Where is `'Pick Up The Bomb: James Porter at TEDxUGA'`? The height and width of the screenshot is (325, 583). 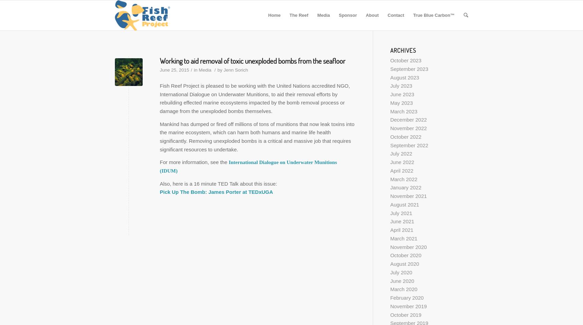
'Pick Up The Bomb: James Porter at TEDxUGA' is located at coordinates (216, 191).